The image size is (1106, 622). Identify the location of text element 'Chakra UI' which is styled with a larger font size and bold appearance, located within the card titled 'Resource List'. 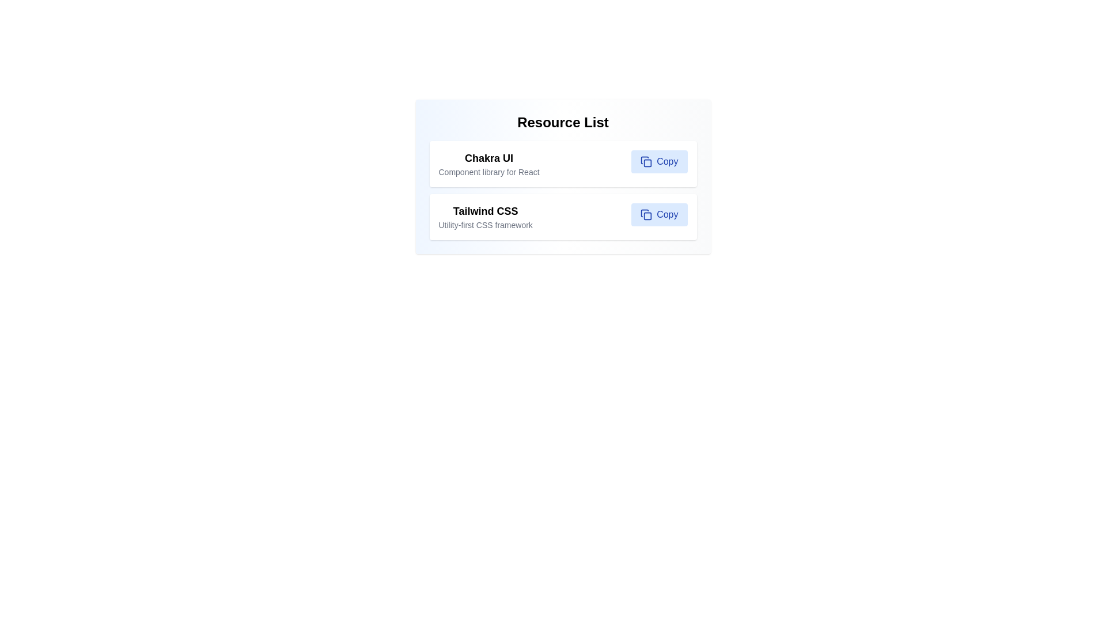
(489, 158).